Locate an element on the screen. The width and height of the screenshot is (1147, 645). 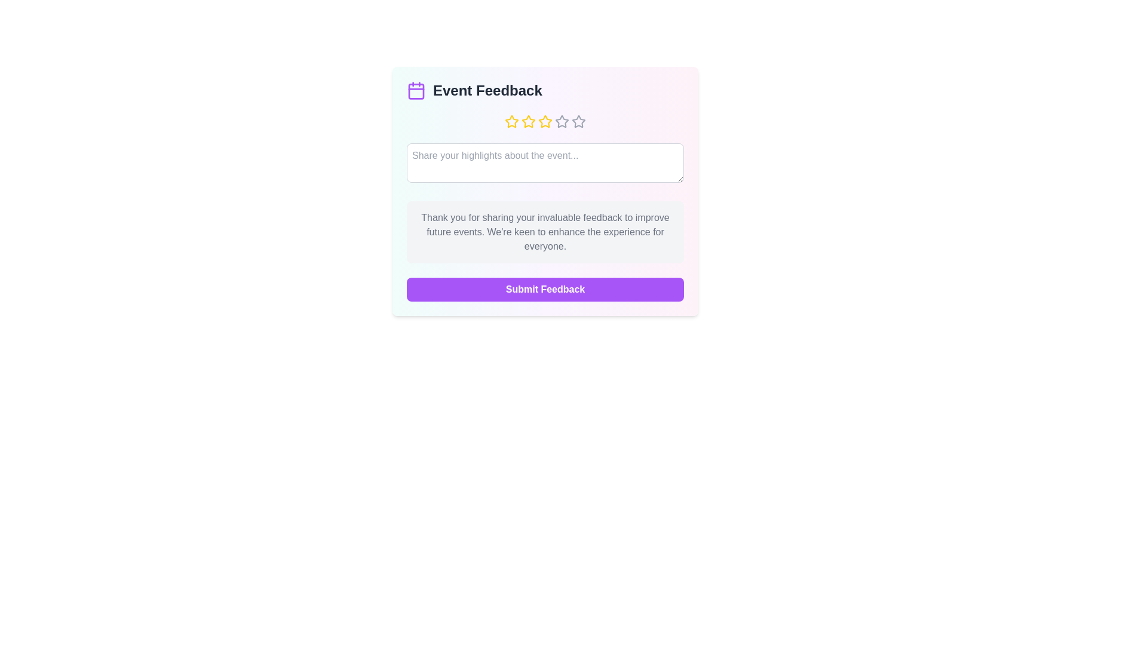
the event rating to 4 stars by clicking on the corresponding star is located at coordinates (561, 122).